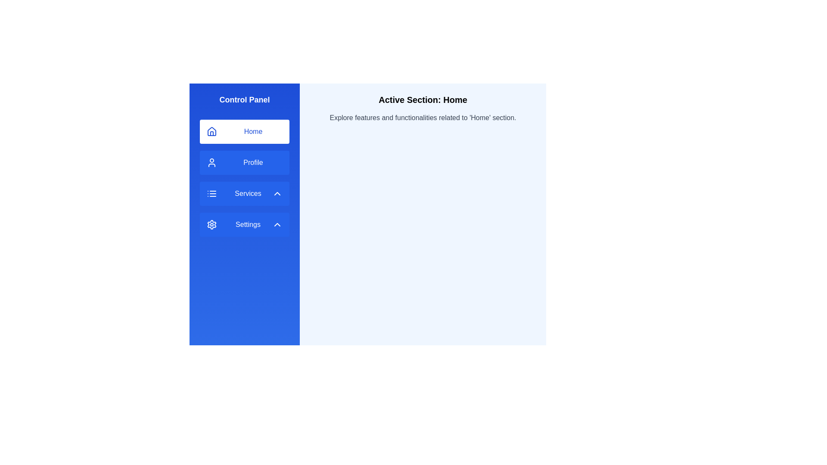 This screenshot has width=827, height=465. Describe the element at coordinates (211, 131) in the screenshot. I see `the 'Home' icon located on the left-hand sidebar` at that location.